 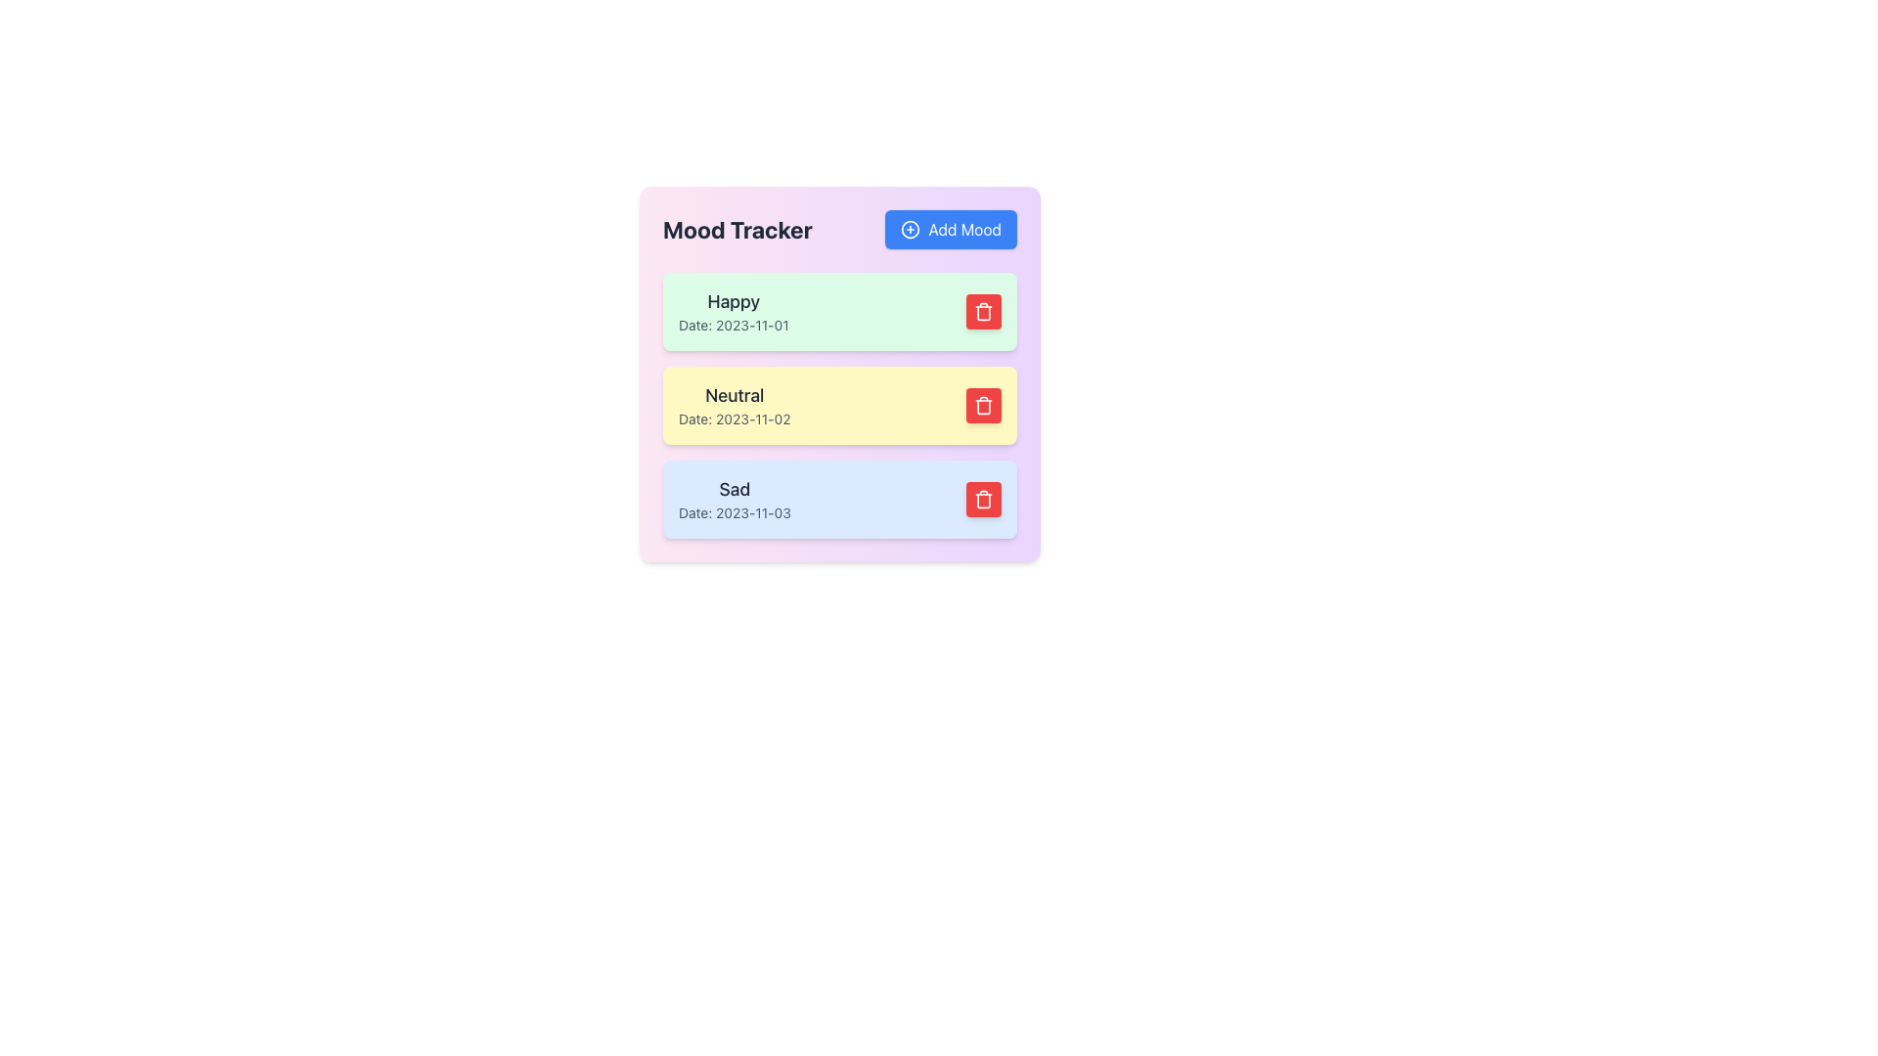 I want to click on the Text Label that identifies the mood 'Neutral', positioned in the middle yellow-highlighted section of the mood entries list, to focus on it, so click(x=734, y=396).